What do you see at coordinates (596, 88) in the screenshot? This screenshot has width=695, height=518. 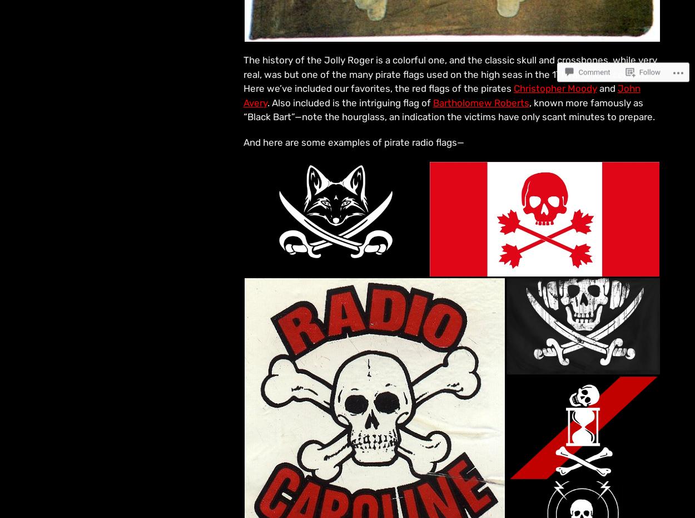 I see `'and'` at bounding box center [596, 88].